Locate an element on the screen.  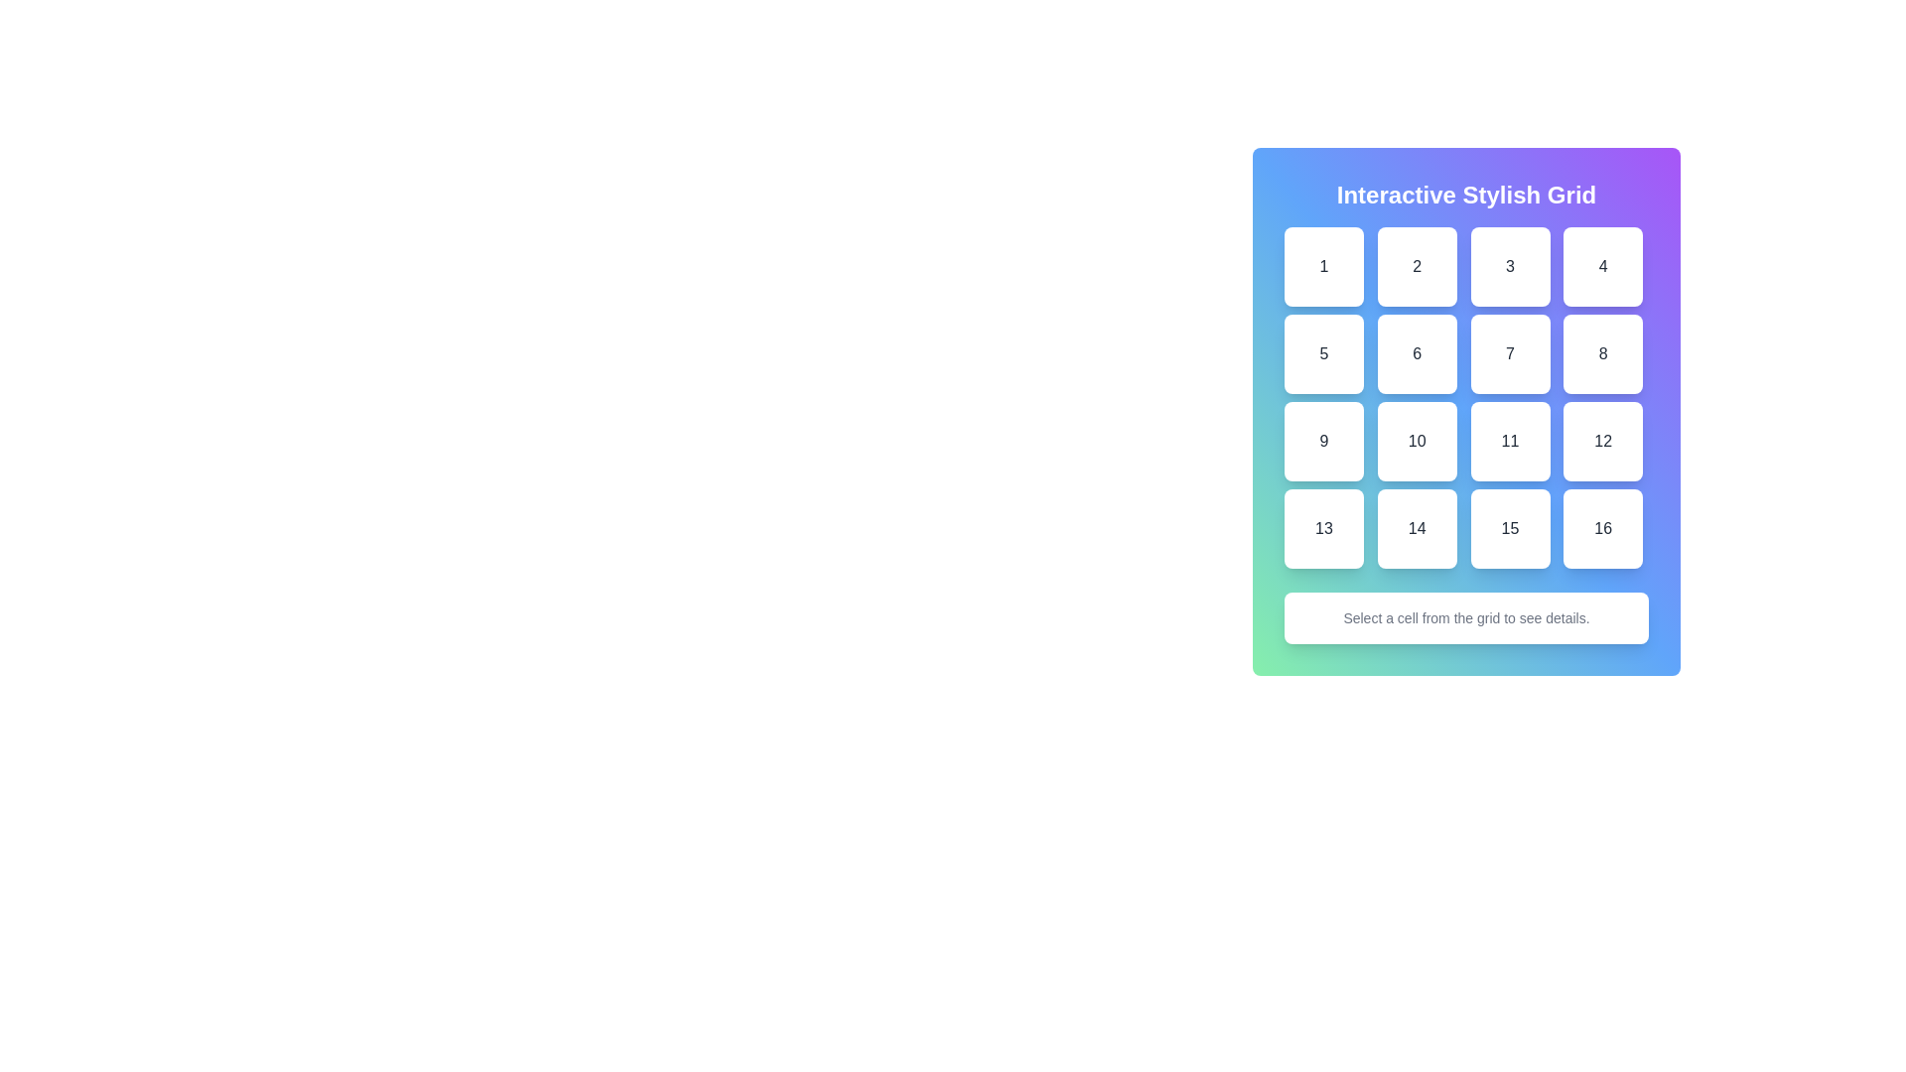
the button labeled '4' in the grid layout to observe its hover effect is located at coordinates (1603, 266).